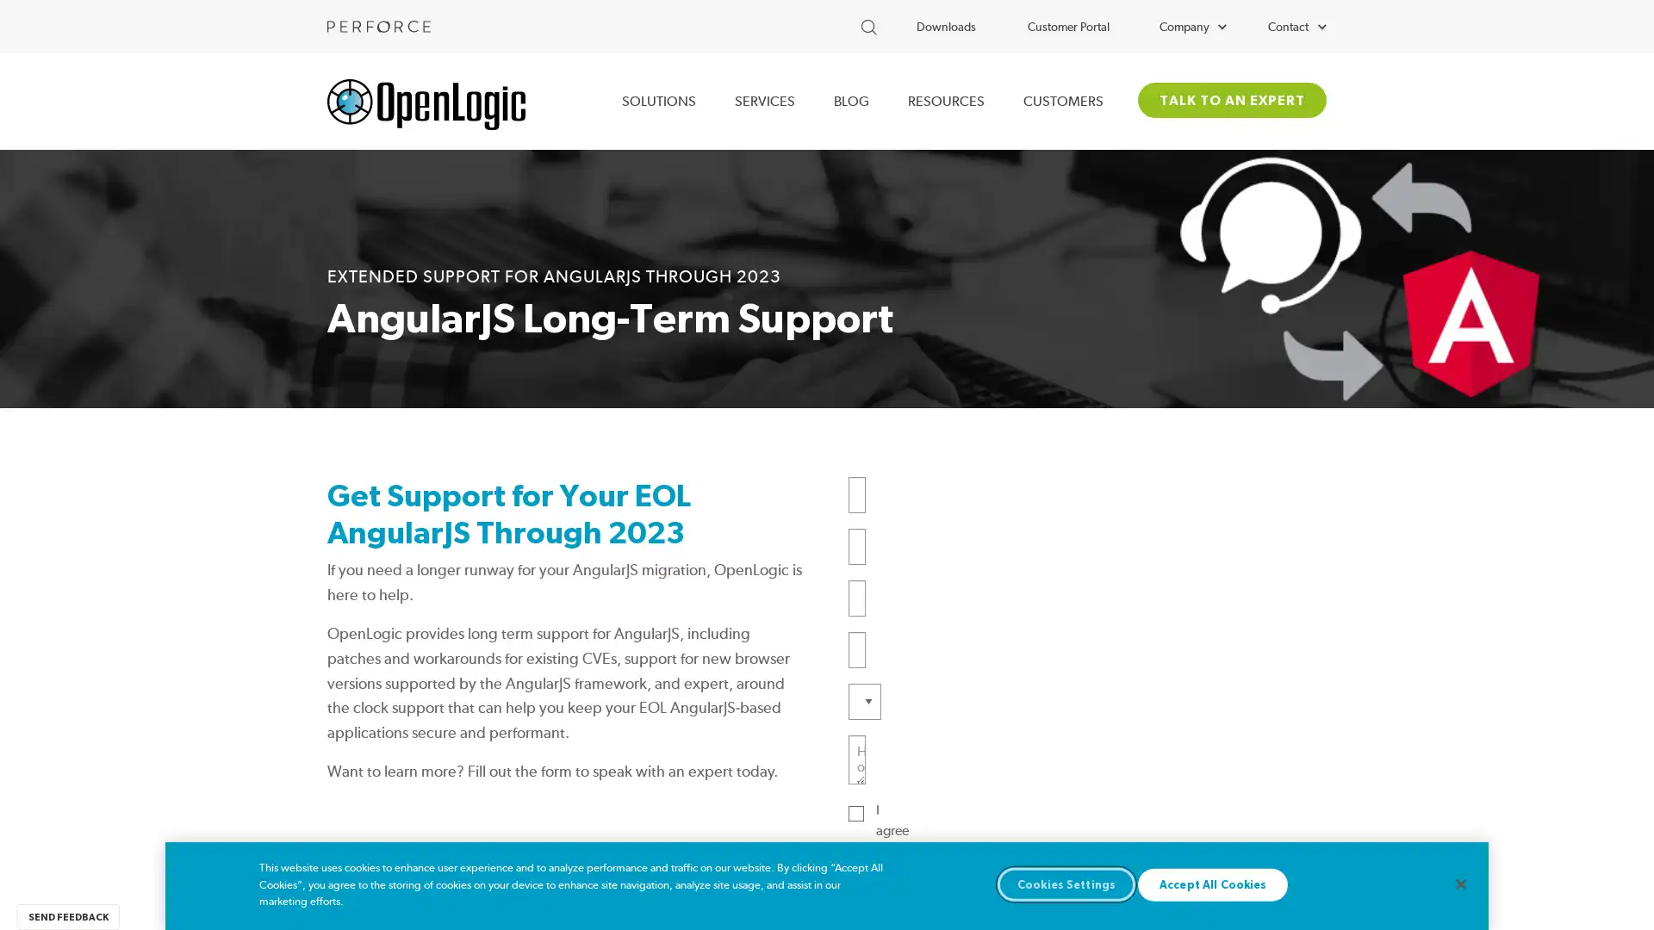  Describe the element at coordinates (1211, 883) in the screenshot. I see `Accept All Cookies` at that location.